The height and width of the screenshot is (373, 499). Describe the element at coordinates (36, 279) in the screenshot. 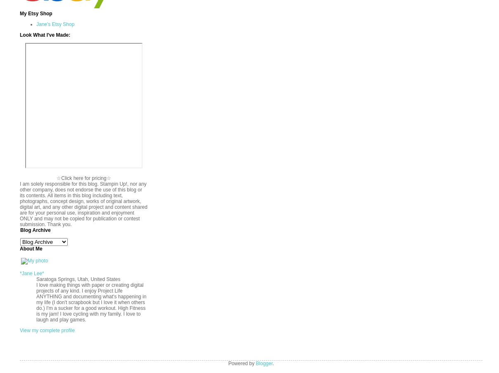

I see `'Saratoga Springs, Utah, United States'` at that location.